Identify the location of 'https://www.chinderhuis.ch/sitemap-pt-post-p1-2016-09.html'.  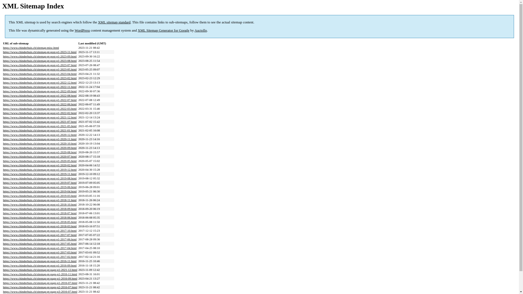
(39, 265).